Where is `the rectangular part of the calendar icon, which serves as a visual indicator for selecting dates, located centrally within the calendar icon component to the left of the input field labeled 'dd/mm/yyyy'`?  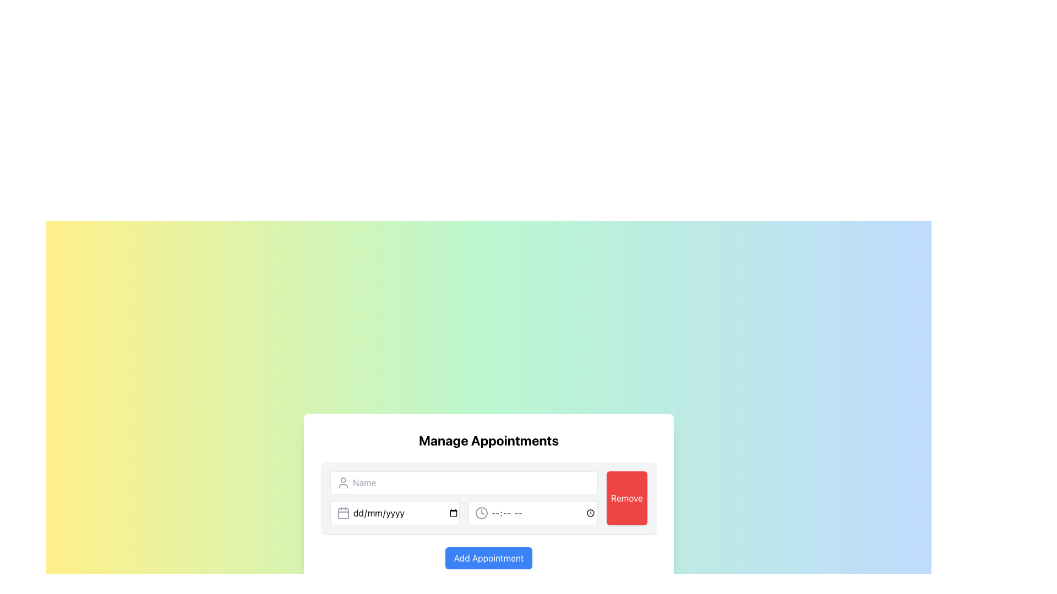
the rectangular part of the calendar icon, which serves as a visual indicator for selecting dates, located centrally within the calendar icon component to the left of the input field labeled 'dd/mm/yyyy' is located at coordinates (343, 513).